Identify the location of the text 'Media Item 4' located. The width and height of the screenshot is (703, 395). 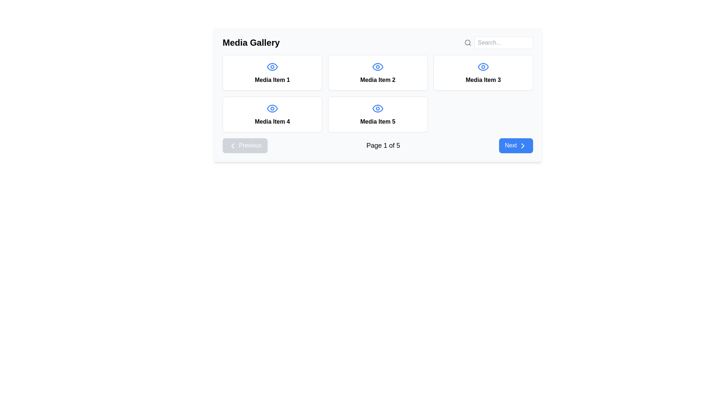
(272, 121).